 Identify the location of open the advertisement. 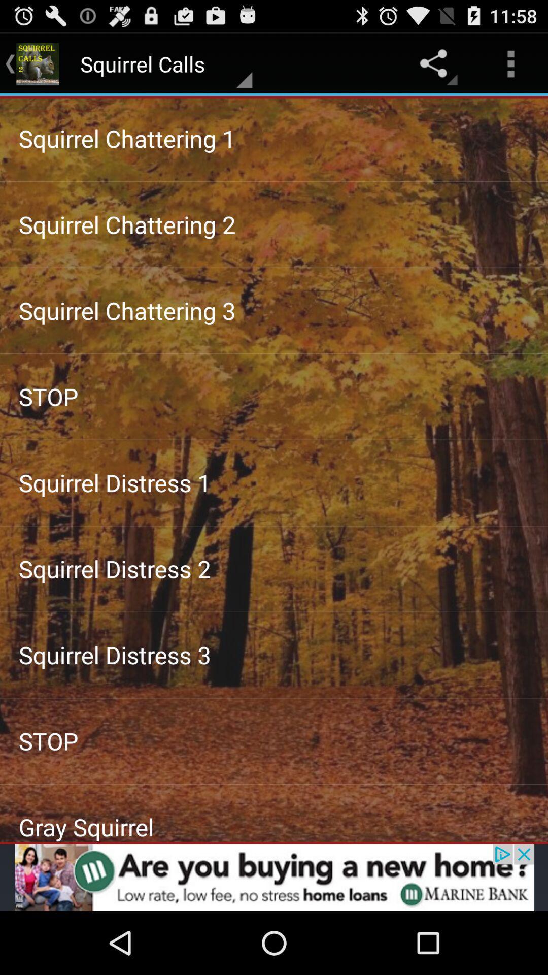
(274, 877).